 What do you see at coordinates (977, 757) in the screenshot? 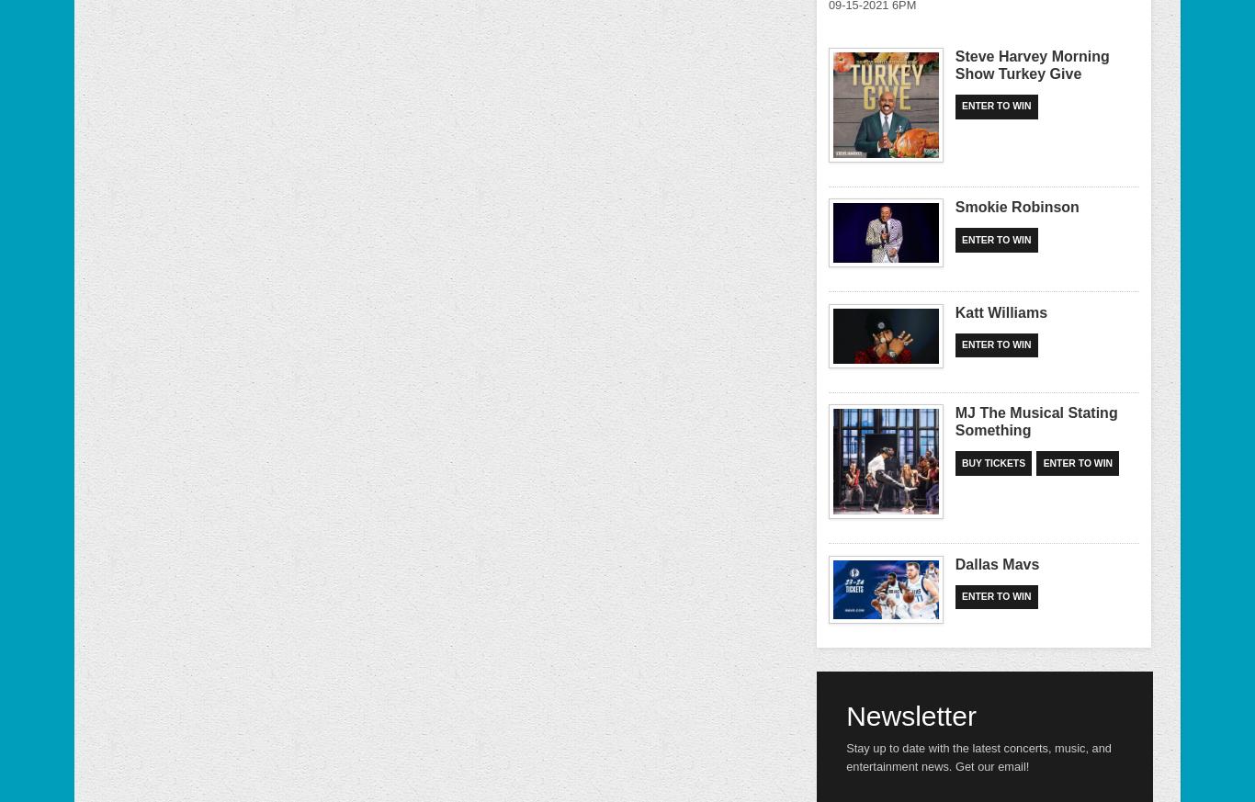
I see `'Stay up to date with the latest concerts, music, and entertainment news.'` at bounding box center [977, 757].